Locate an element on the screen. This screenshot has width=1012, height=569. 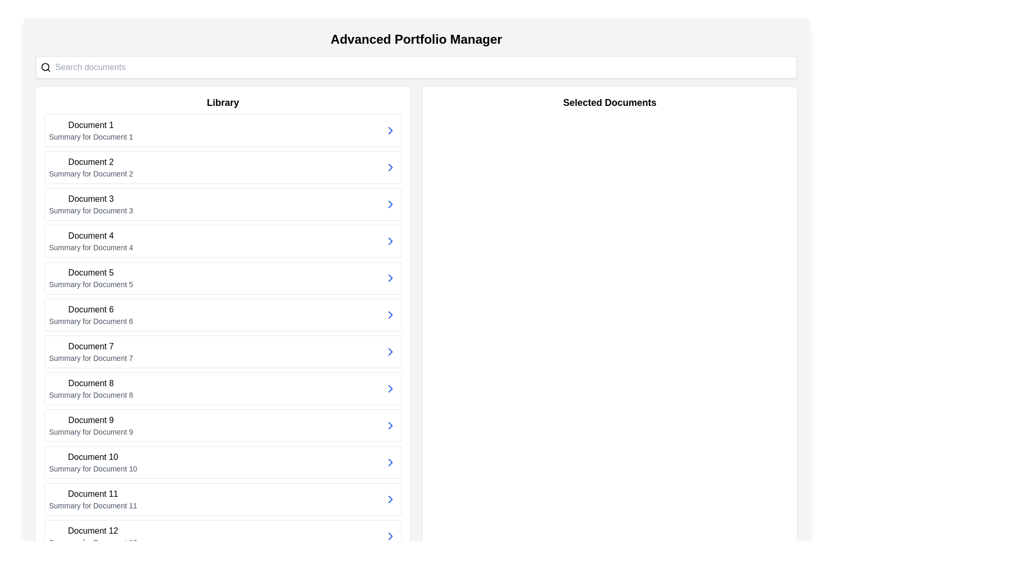
the List item representing 'Document 12' in the Library section is located at coordinates (93, 536).